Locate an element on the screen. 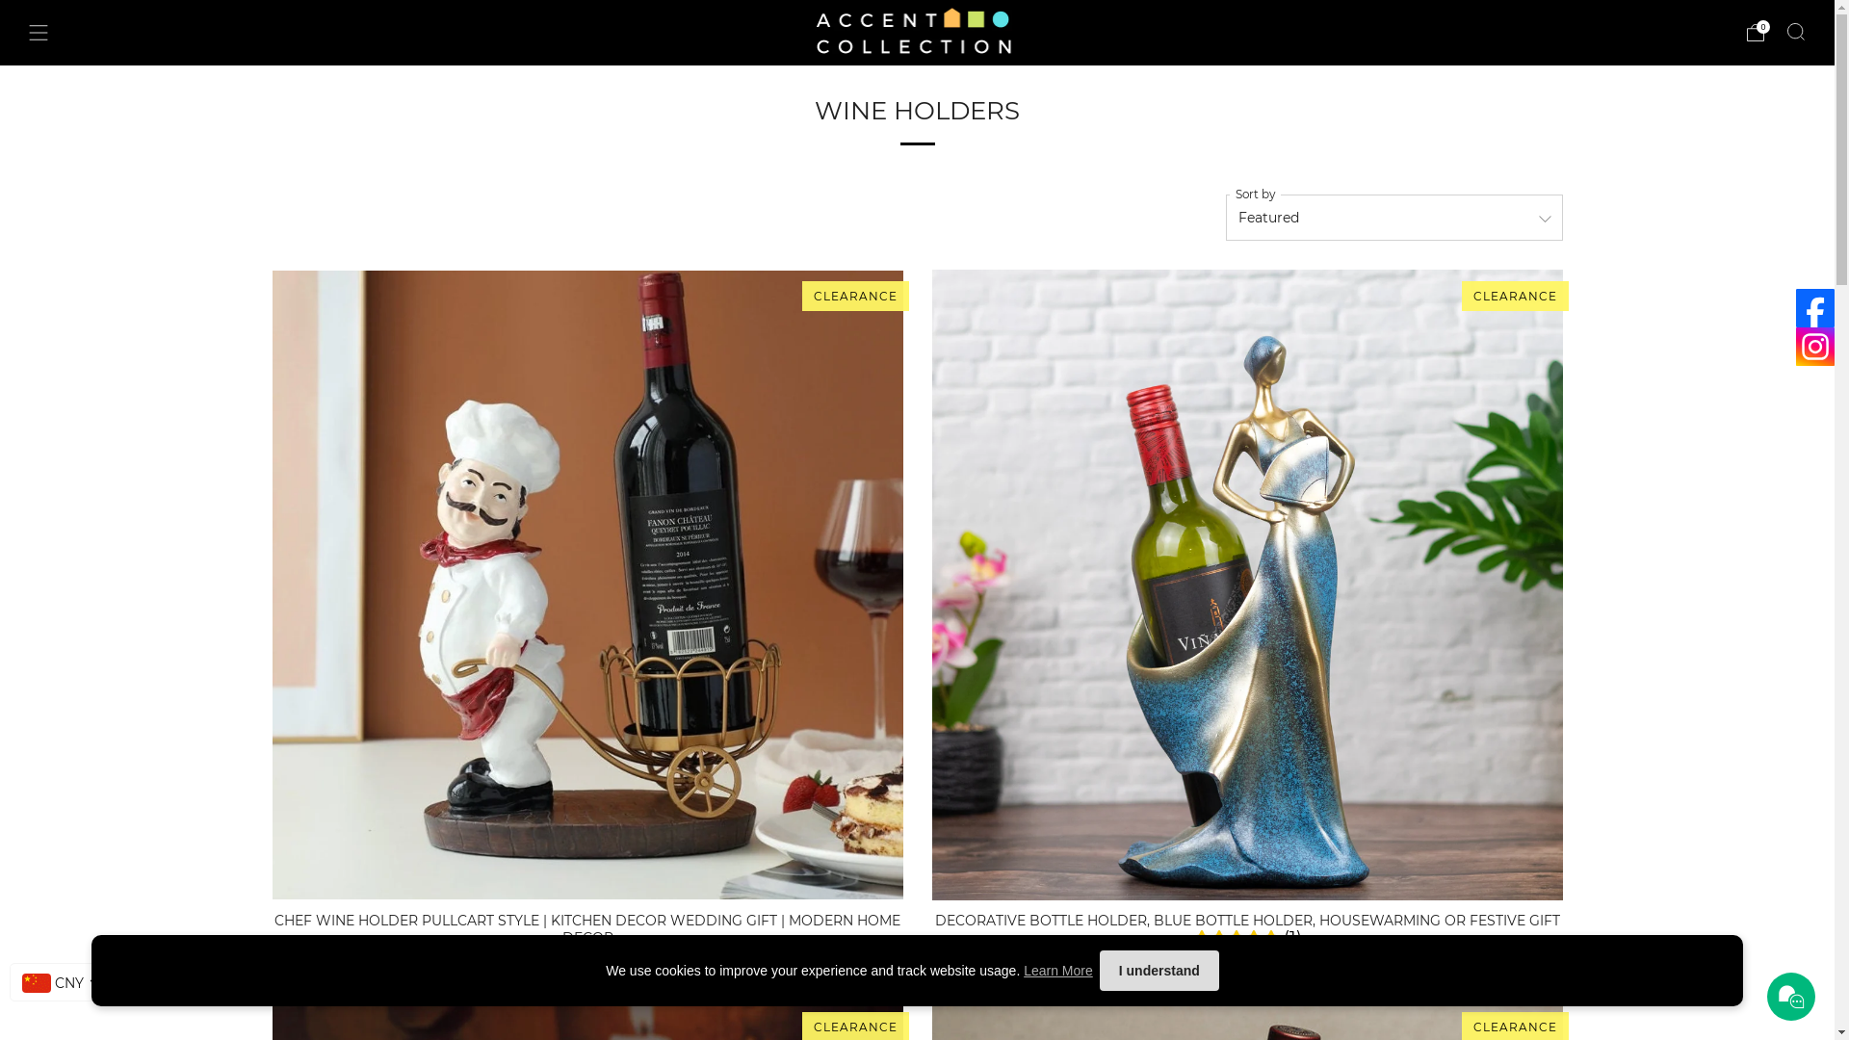 The width and height of the screenshot is (1849, 1040). 'Instagram' is located at coordinates (1814, 345).